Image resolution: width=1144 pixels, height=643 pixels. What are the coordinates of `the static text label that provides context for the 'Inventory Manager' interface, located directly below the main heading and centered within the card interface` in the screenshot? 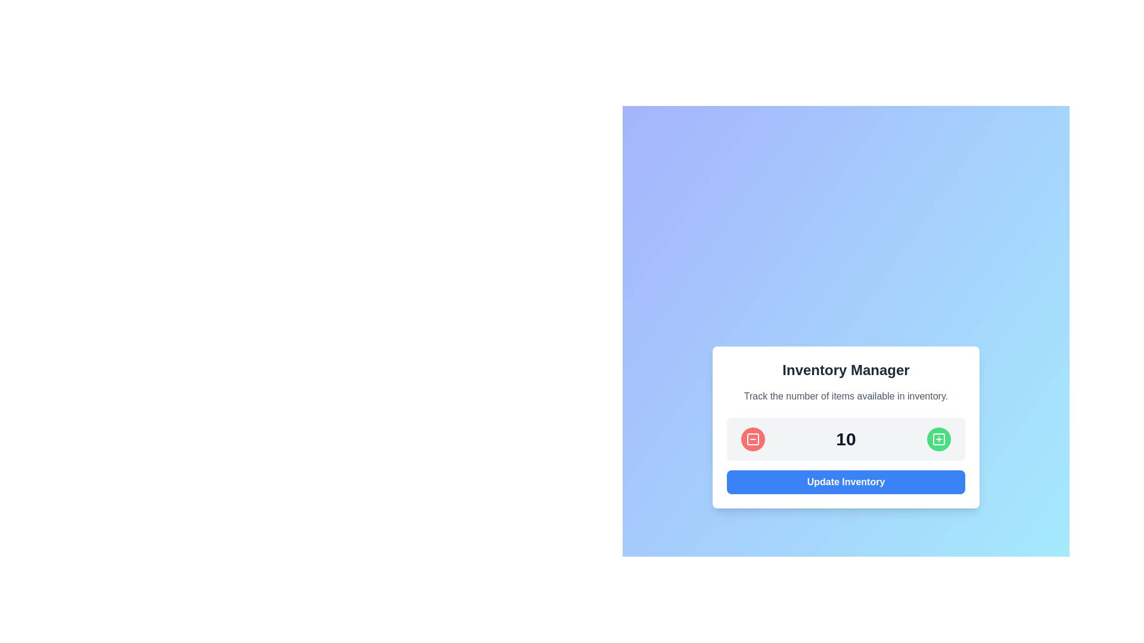 It's located at (845, 397).